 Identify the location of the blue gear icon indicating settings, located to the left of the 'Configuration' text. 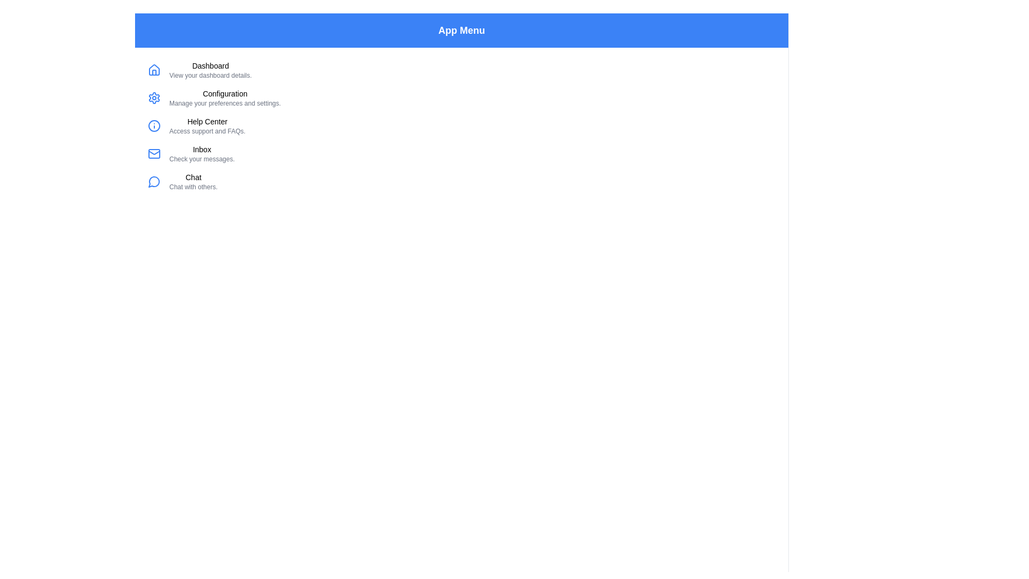
(154, 98).